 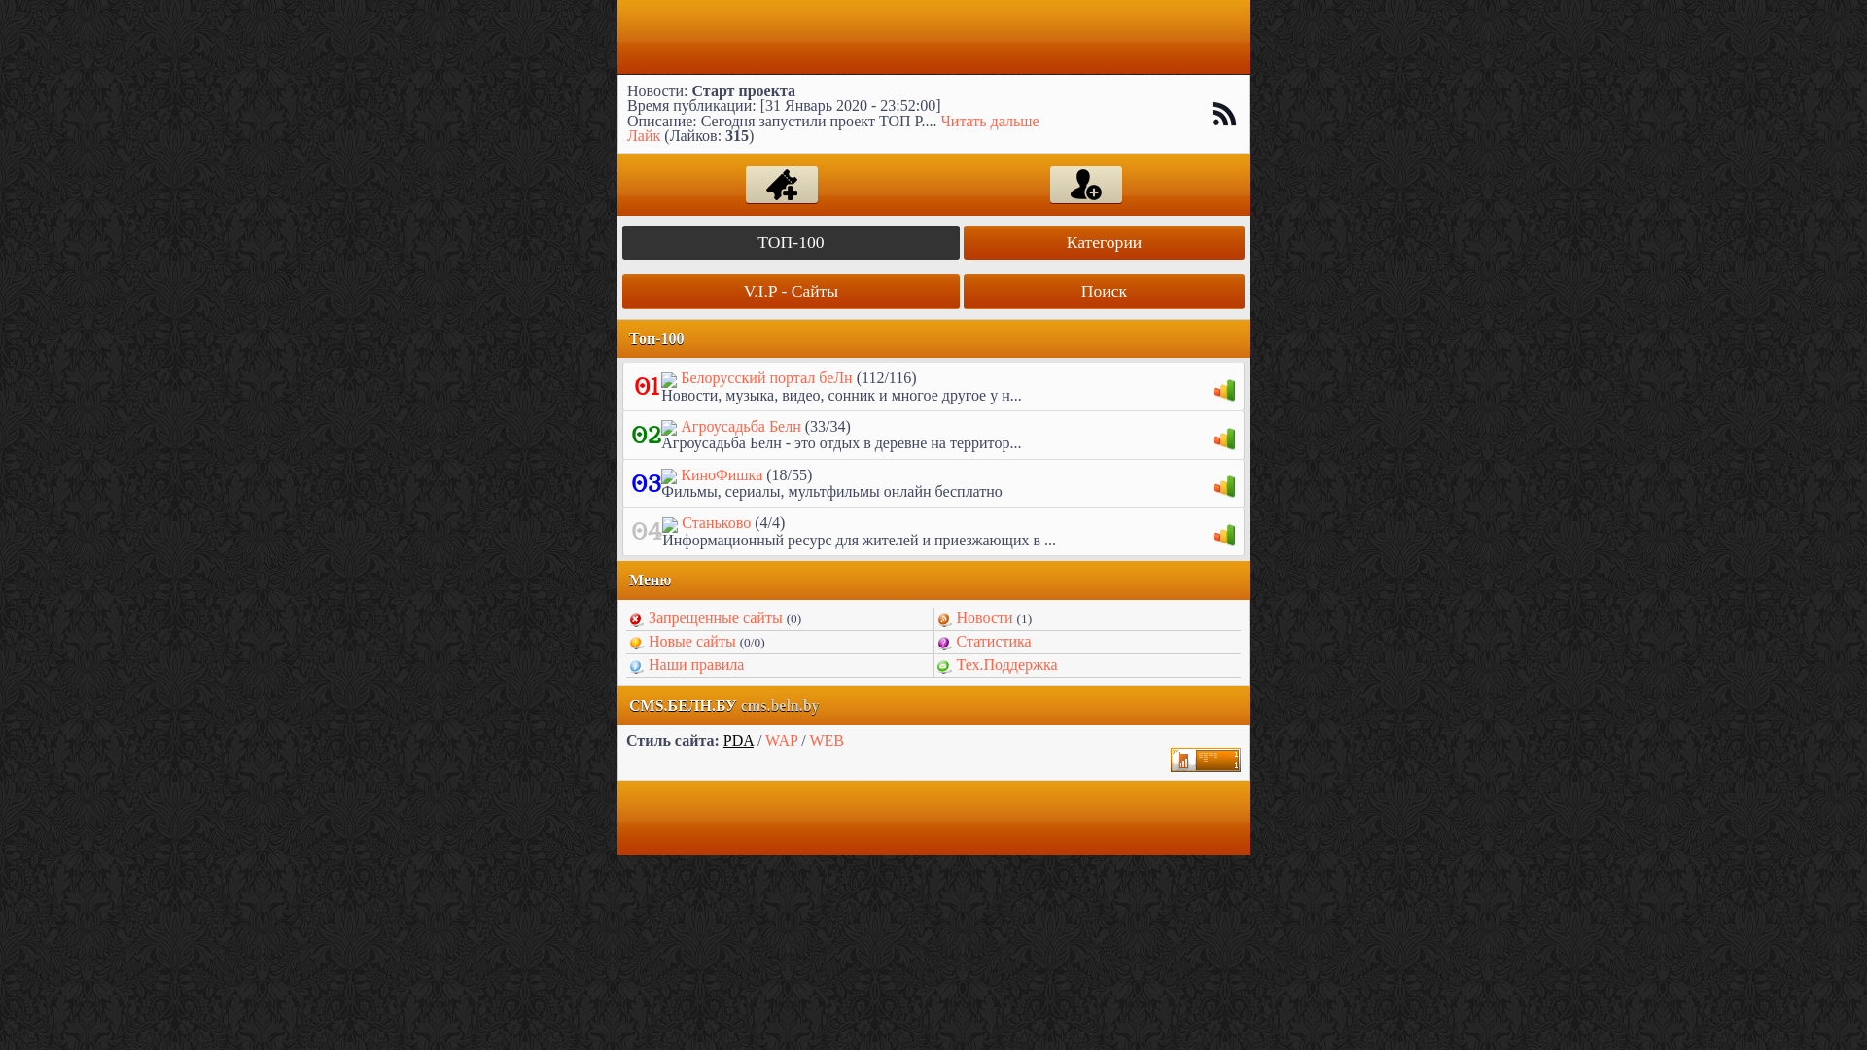 What do you see at coordinates (781, 740) in the screenshot?
I see `'WAP'` at bounding box center [781, 740].